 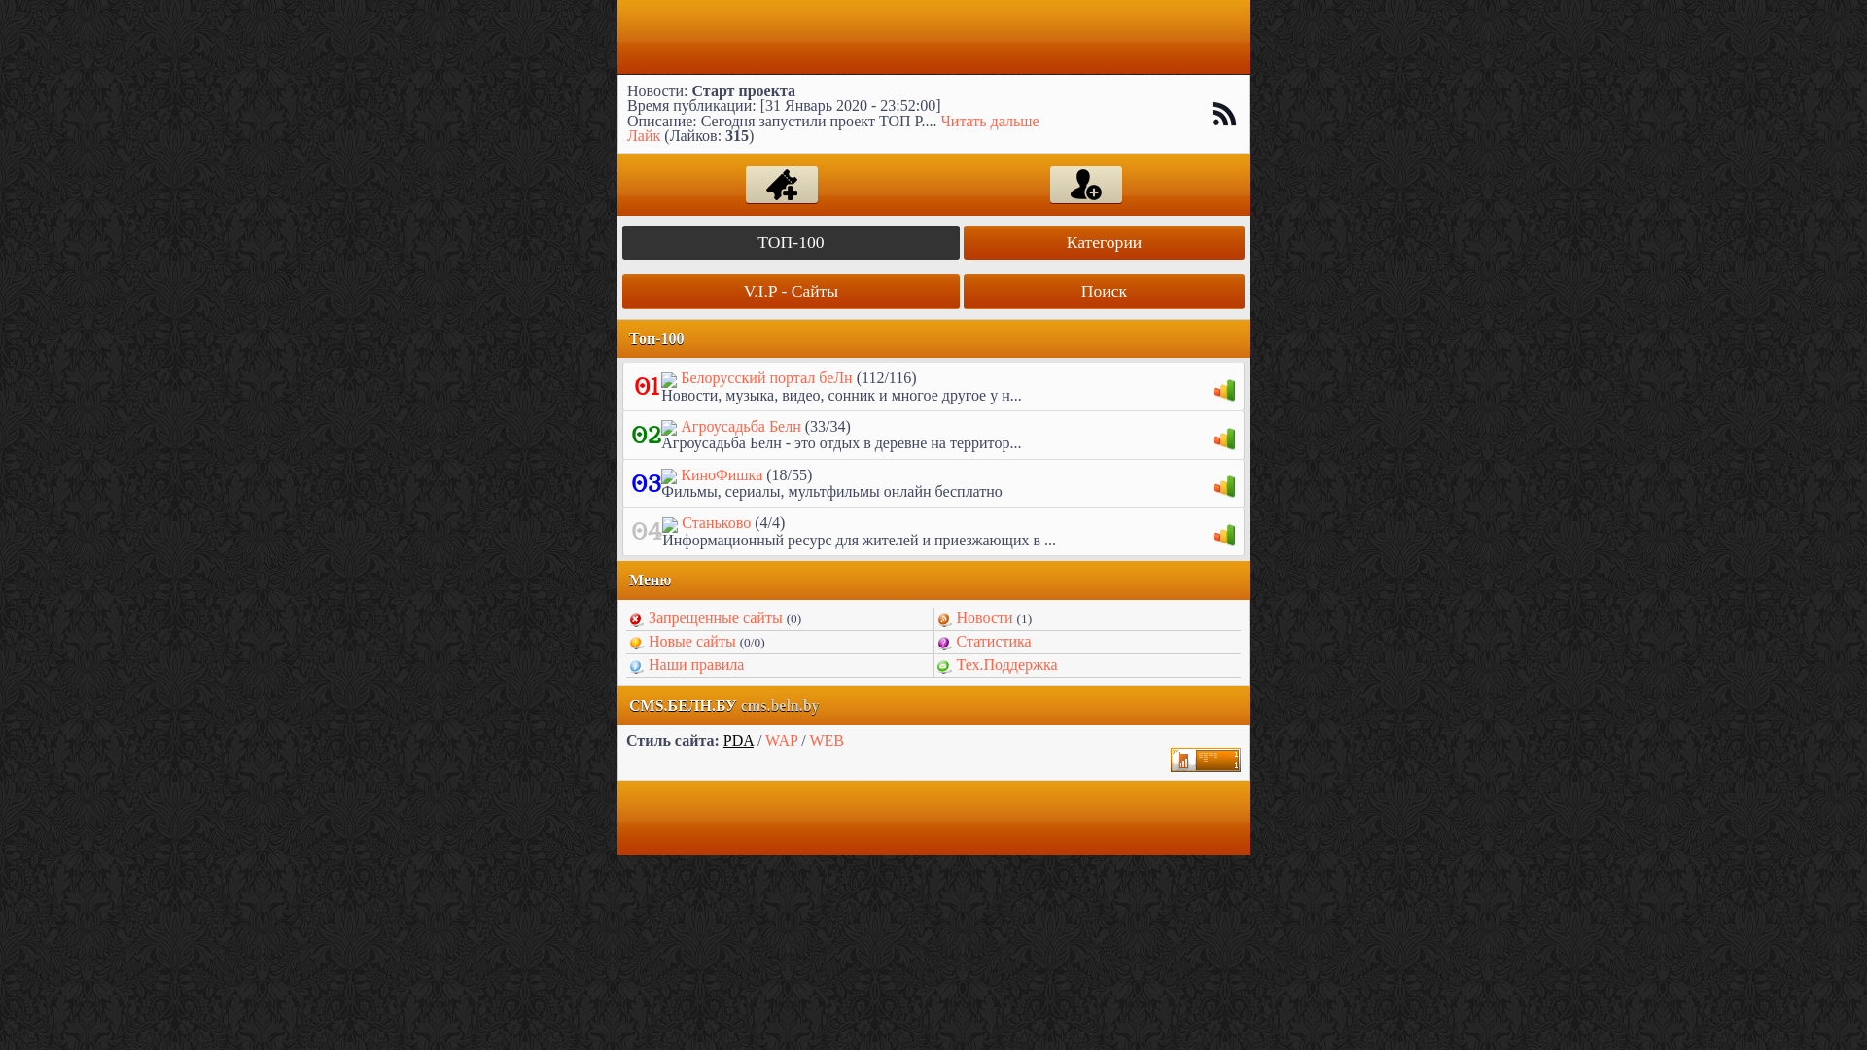 What do you see at coordinates (781, 740) in the screenshot?
I see `'WAP'` at bounding box center [781, 740].